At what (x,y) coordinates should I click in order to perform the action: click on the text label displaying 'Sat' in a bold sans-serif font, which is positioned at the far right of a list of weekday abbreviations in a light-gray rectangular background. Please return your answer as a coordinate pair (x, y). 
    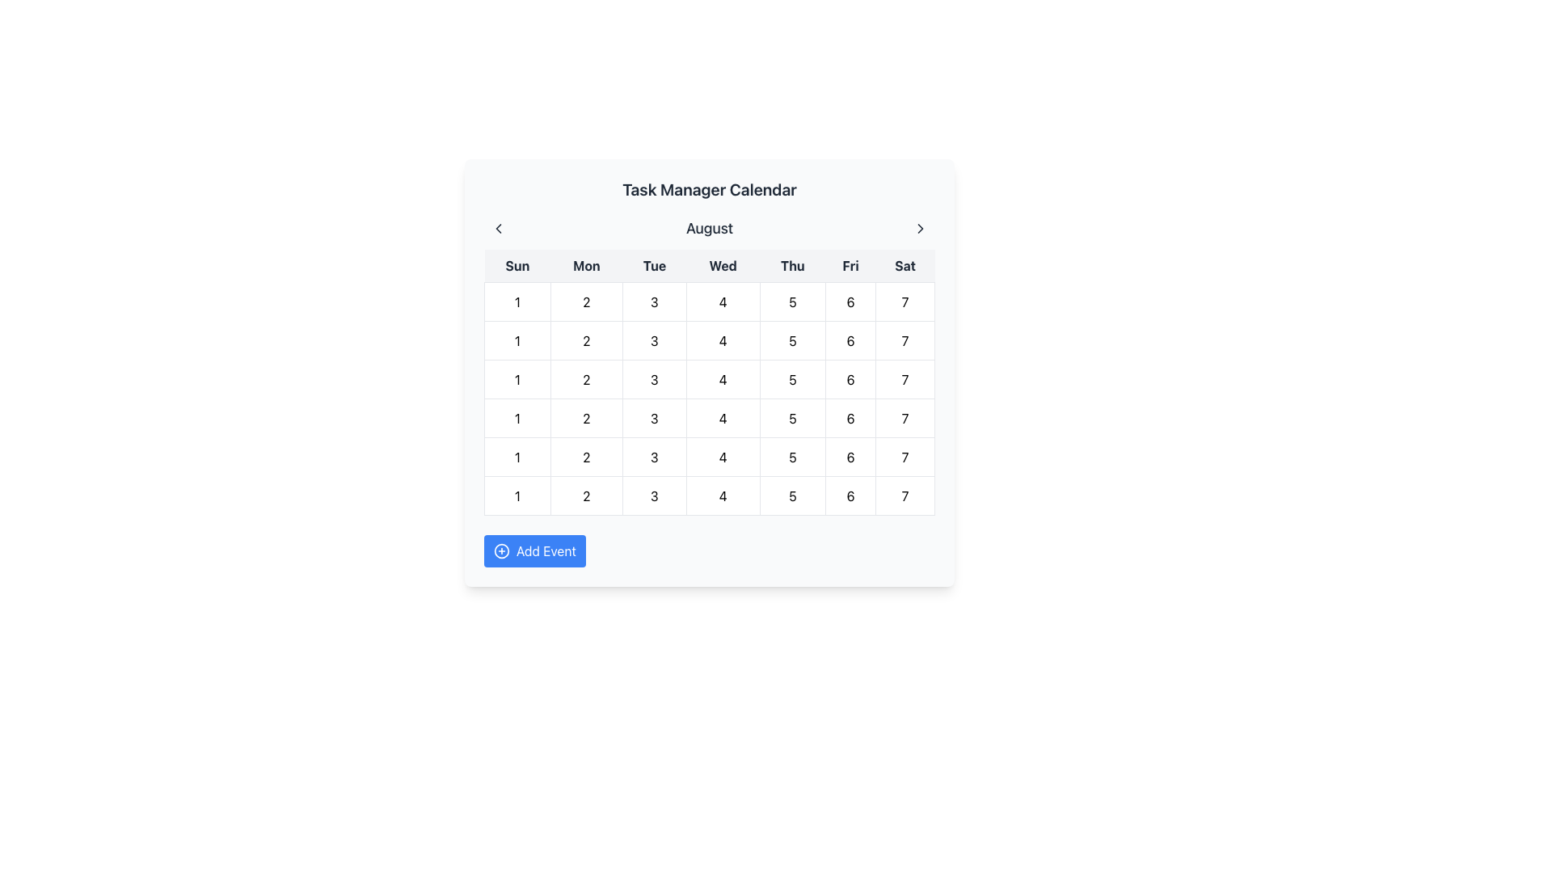
    Looking at the image, I should click on (905, 265).